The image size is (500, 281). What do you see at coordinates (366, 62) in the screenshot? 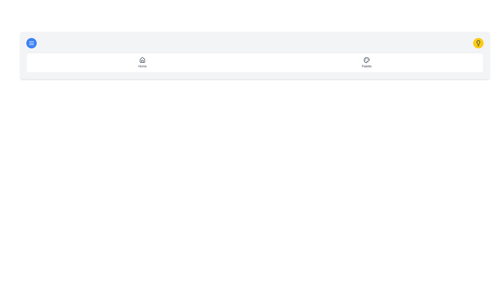
I see `the second item in the horizontal navigation menu, which is a clickable button for navigating to the 'Palette' section, located towards the right side of the navigation bar` at bounding box center [366, 62].